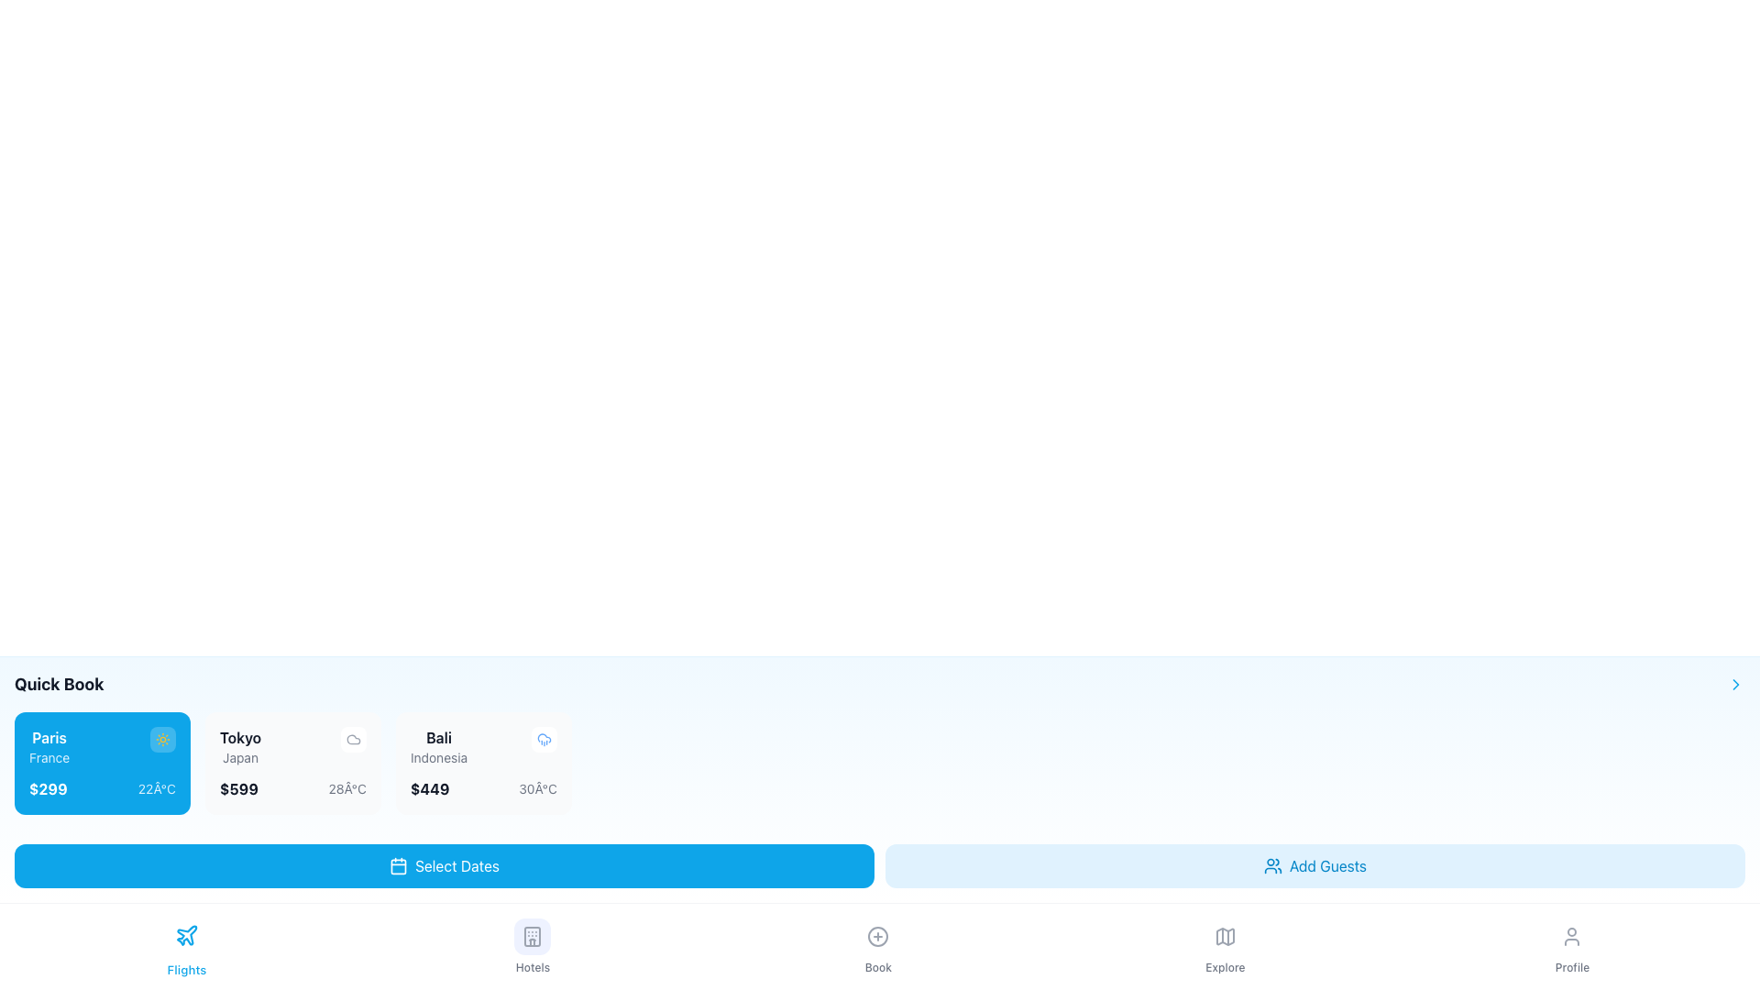  What do you see at coordinates (347, 787) in the screenshot?
I see `the temperature label displaying '28Â°C' next to the cost value '$599' in the card for 'Tokyo, Japan'` at bounding box center [347, 787].